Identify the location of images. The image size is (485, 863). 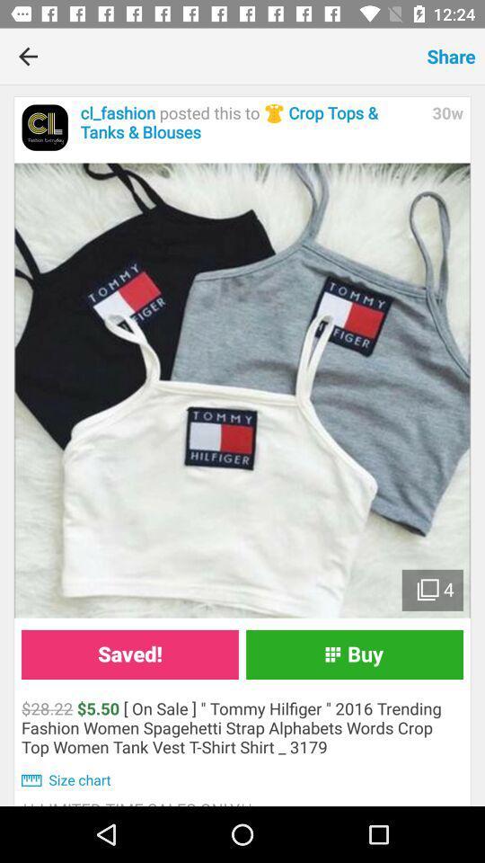
(242, 390).